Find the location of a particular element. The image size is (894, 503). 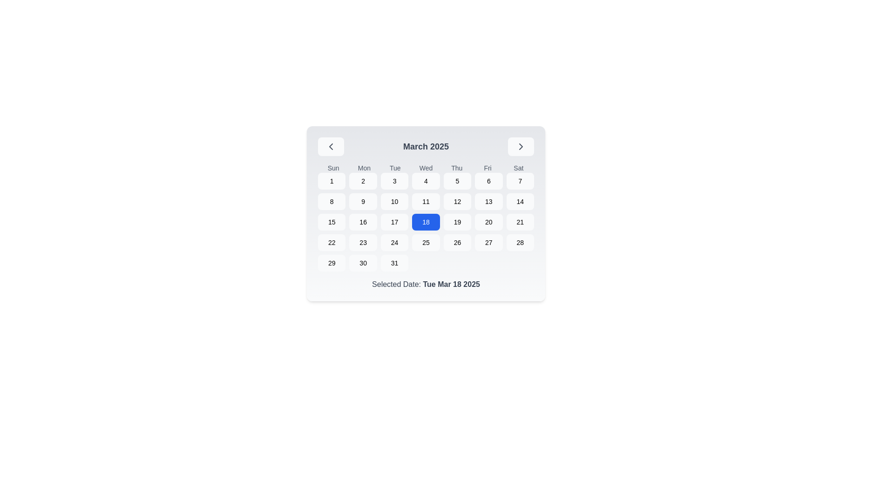

the calendar component displaying the month of March 2025 is located at coordinates (426, 214).